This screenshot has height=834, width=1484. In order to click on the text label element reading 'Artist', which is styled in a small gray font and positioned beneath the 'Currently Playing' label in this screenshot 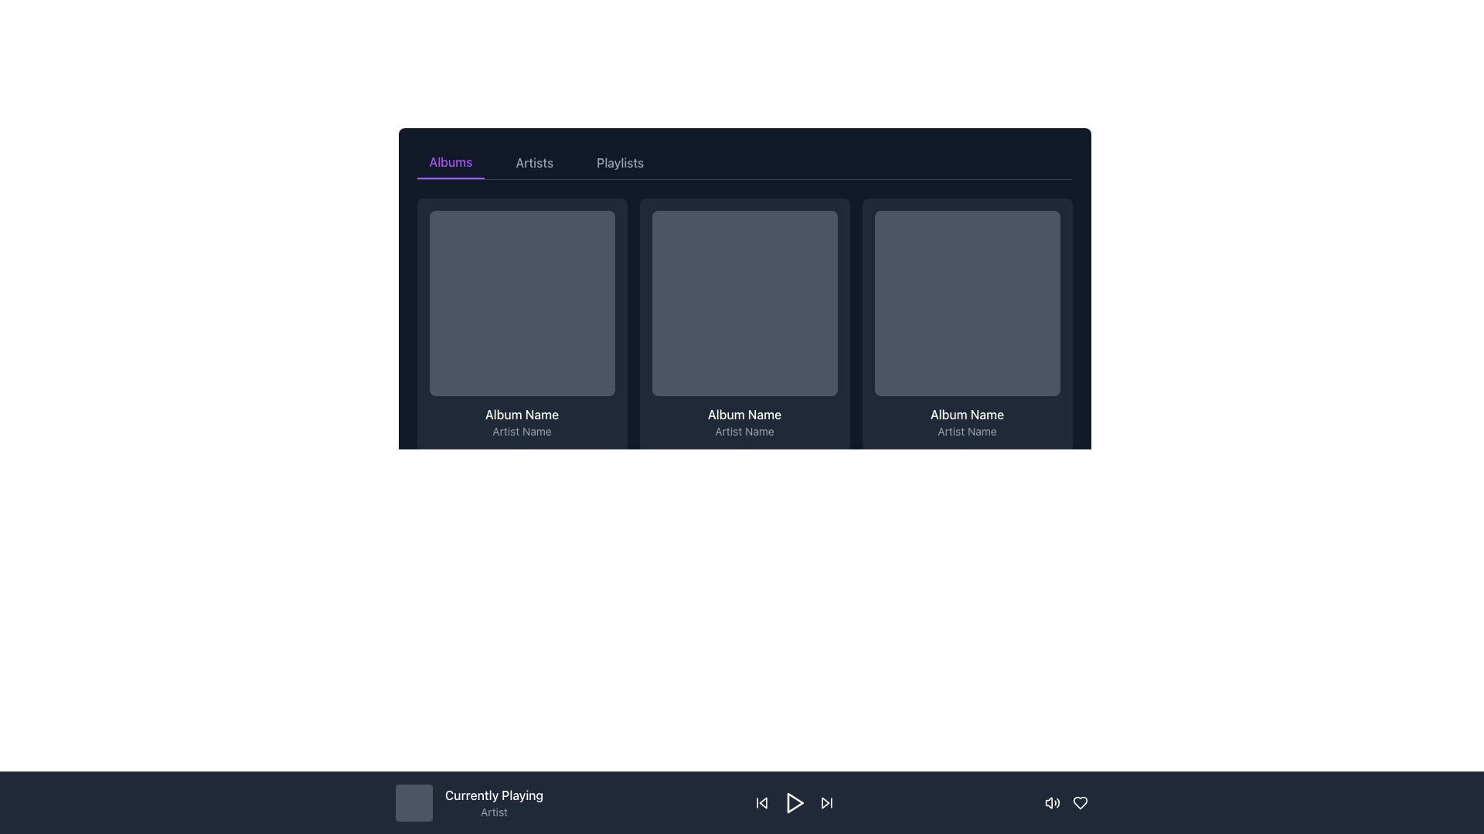, I will do `click(493, 812)`.